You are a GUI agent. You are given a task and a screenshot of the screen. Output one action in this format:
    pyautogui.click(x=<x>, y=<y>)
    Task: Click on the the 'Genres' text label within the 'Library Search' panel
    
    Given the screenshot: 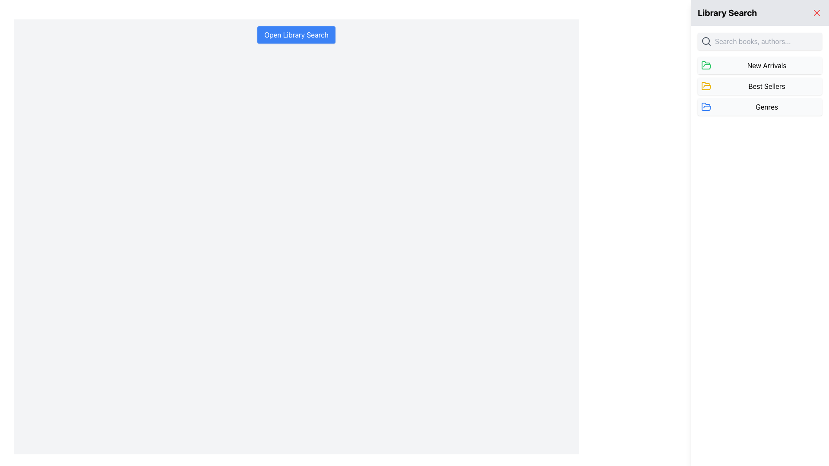 What is the action you would take?
    pyautogui.click(x=767, y=106)
    